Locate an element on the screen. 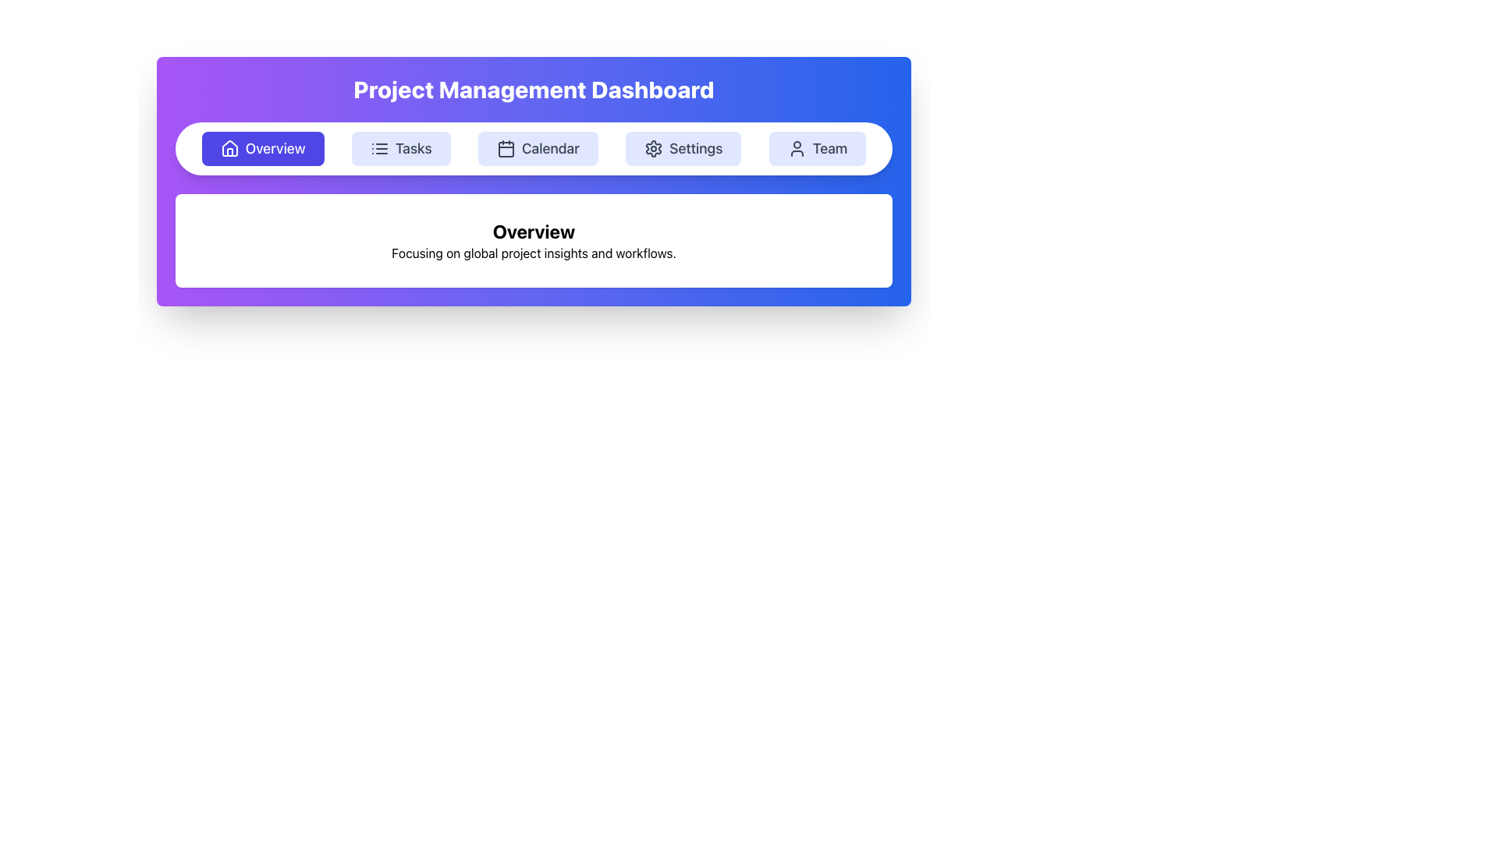  displayed text in the Text block with title and description located below the 'Project Management Dashboard' navigation bar is located at coordinates (534, 240).